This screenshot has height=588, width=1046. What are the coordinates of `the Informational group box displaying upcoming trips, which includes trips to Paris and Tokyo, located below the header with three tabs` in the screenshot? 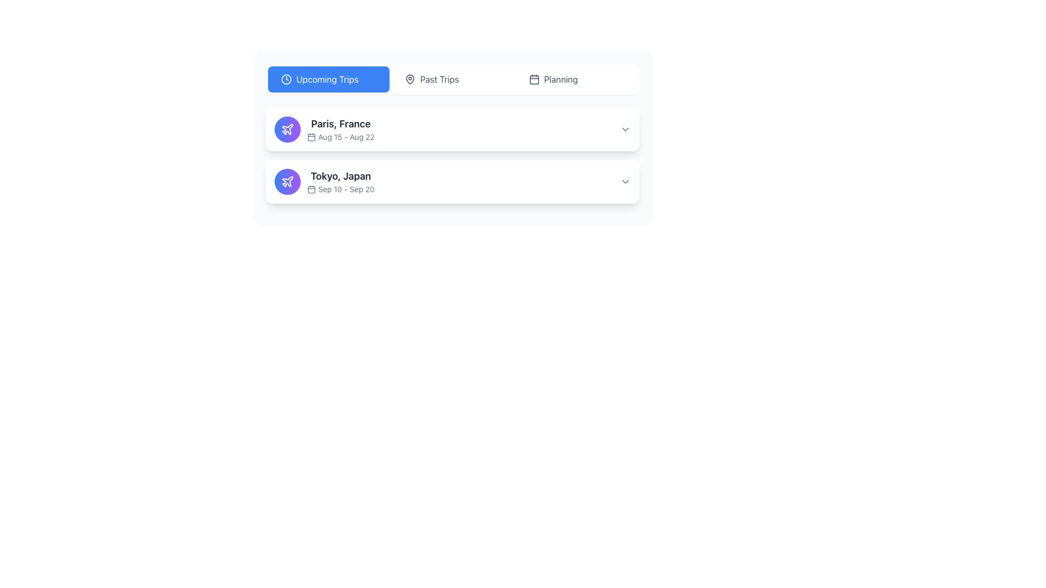 It's located at (452, 155).